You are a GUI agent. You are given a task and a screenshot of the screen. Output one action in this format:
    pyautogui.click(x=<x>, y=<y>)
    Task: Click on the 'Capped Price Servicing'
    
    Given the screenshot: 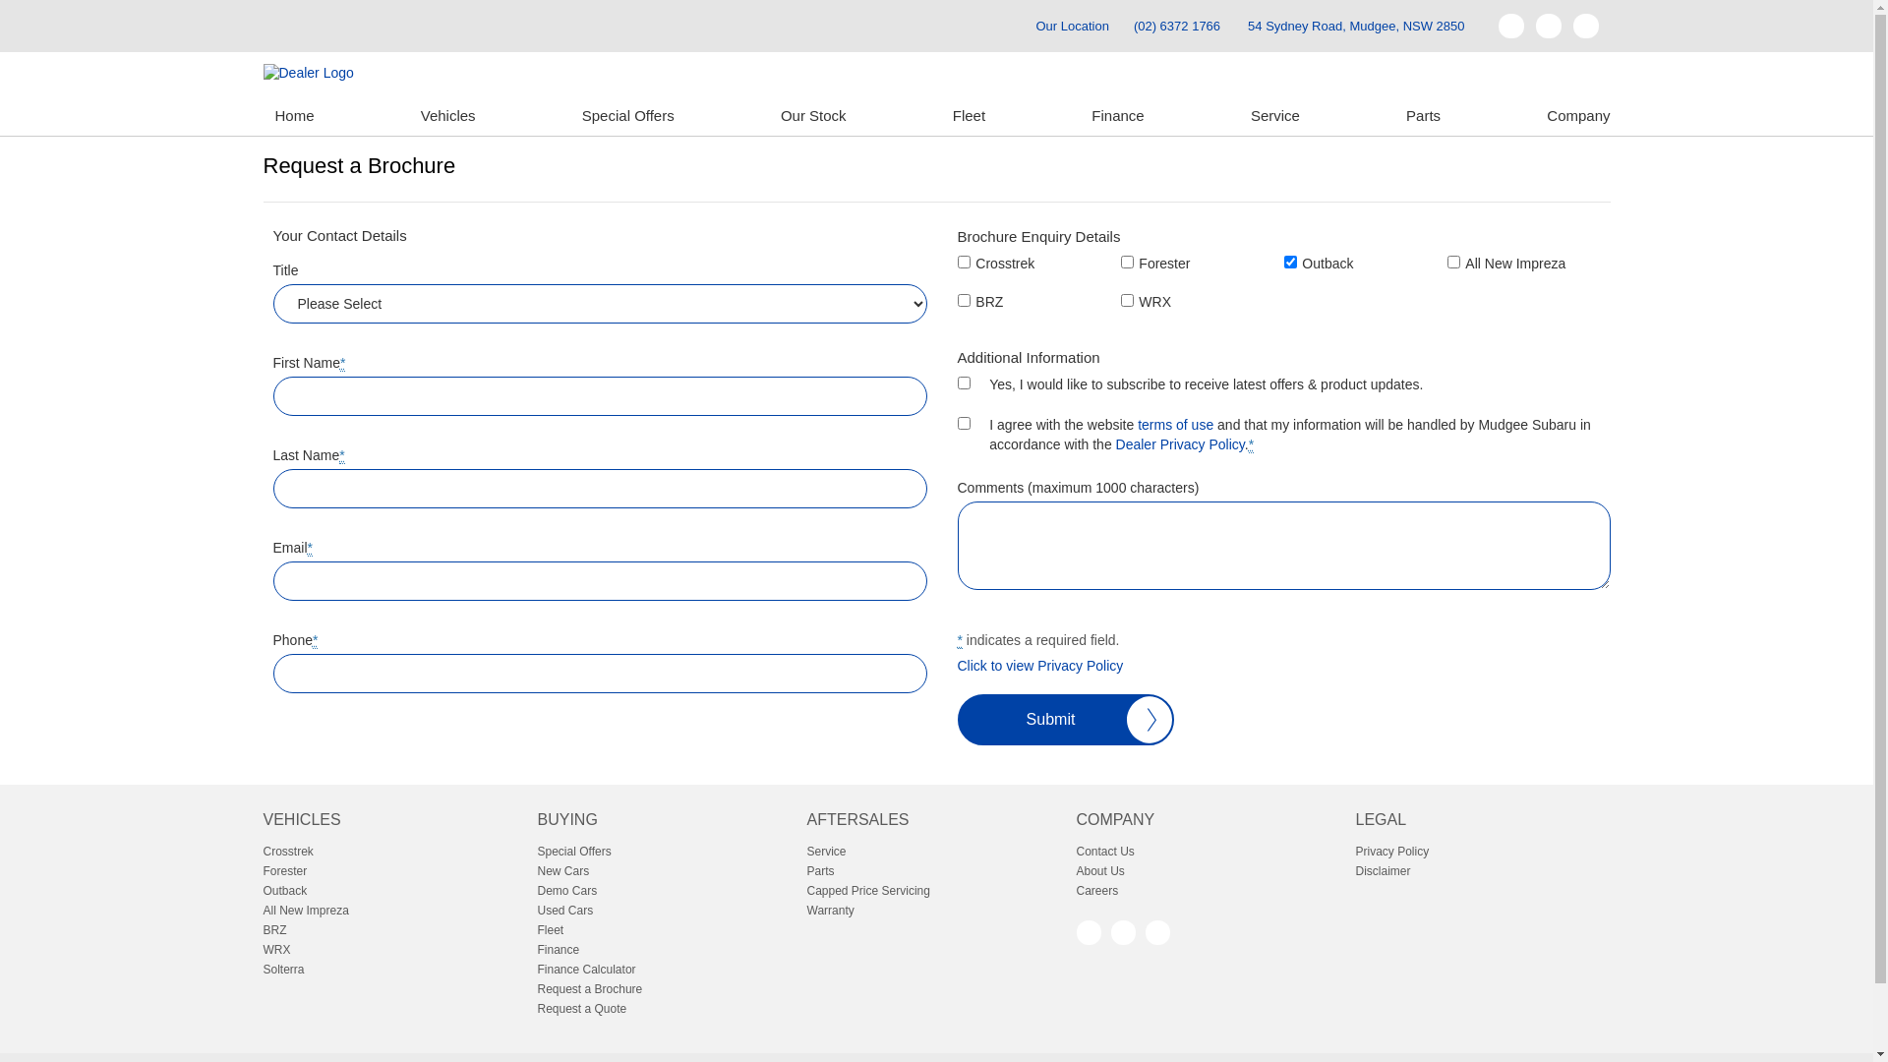 What is the action you would take?
    pyautogui.click(x=934, y=891)
    